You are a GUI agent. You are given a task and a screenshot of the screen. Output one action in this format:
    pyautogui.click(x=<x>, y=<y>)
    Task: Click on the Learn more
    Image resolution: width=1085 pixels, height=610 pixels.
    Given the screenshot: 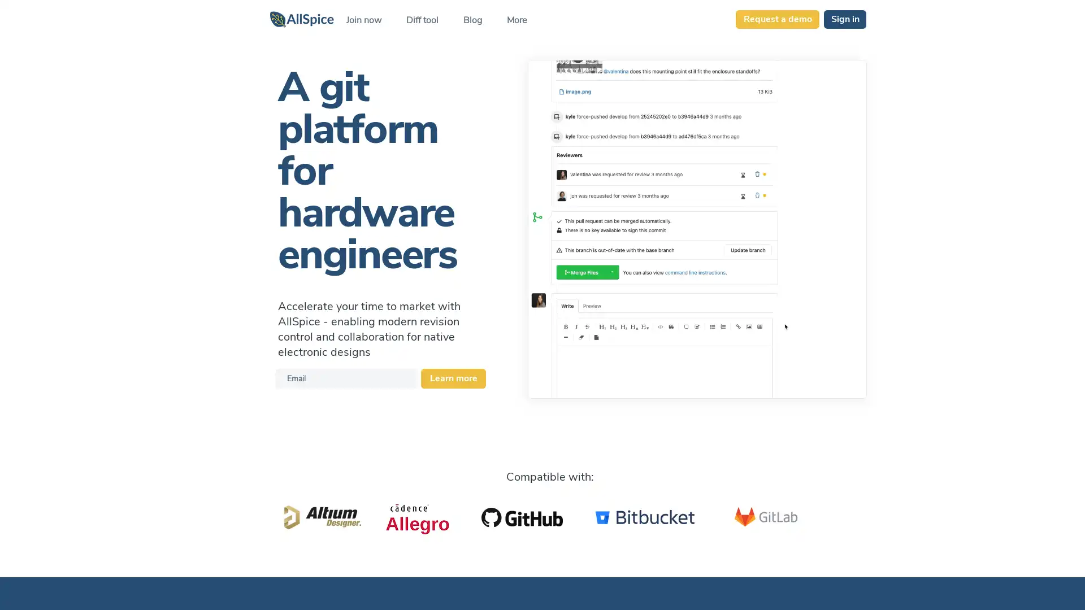 What is the action you would take?
    pyautogui.click(x=453, y=378)
    